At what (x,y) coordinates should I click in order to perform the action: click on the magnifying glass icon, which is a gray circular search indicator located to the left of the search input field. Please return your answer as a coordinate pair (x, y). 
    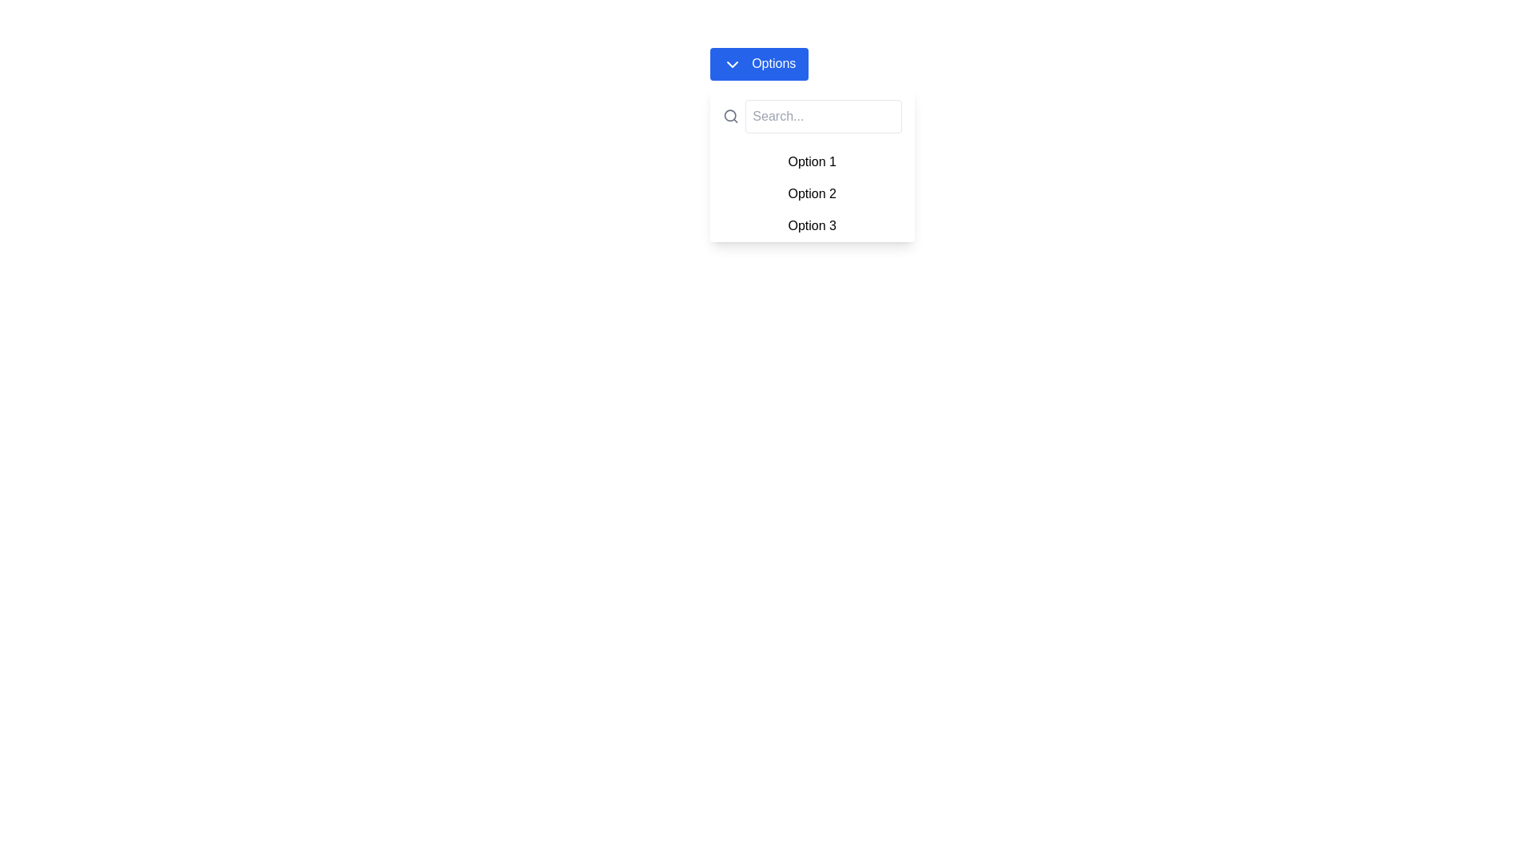
    Looking at the image, I should click on (730, 115).